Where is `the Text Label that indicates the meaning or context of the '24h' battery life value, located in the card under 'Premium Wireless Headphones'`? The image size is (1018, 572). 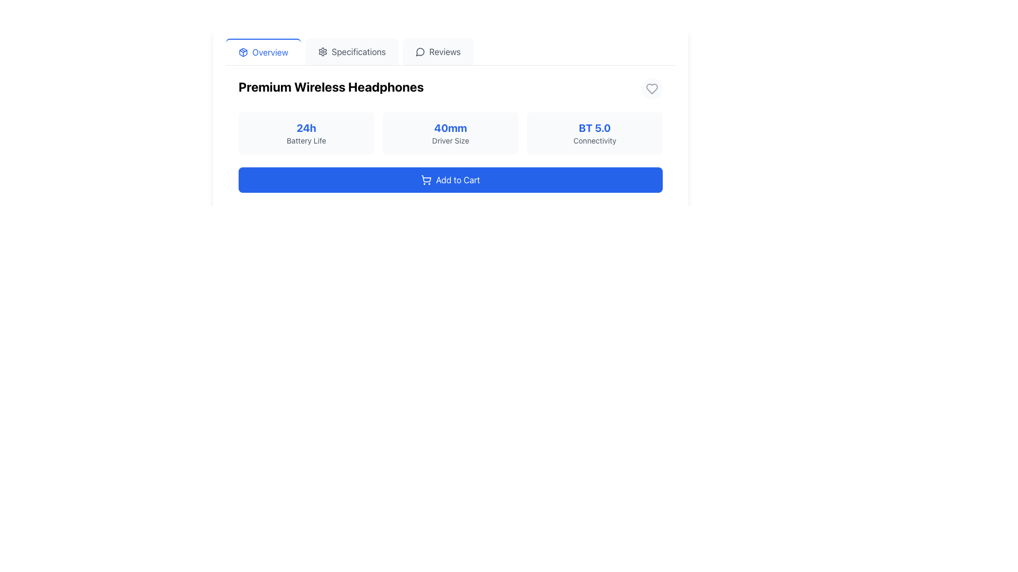
the Text Label that indicates the meaning or context of the '24h' battery life value, located in the card under 'Premium Wireless Headphones' is located at coordinates (305, 140).